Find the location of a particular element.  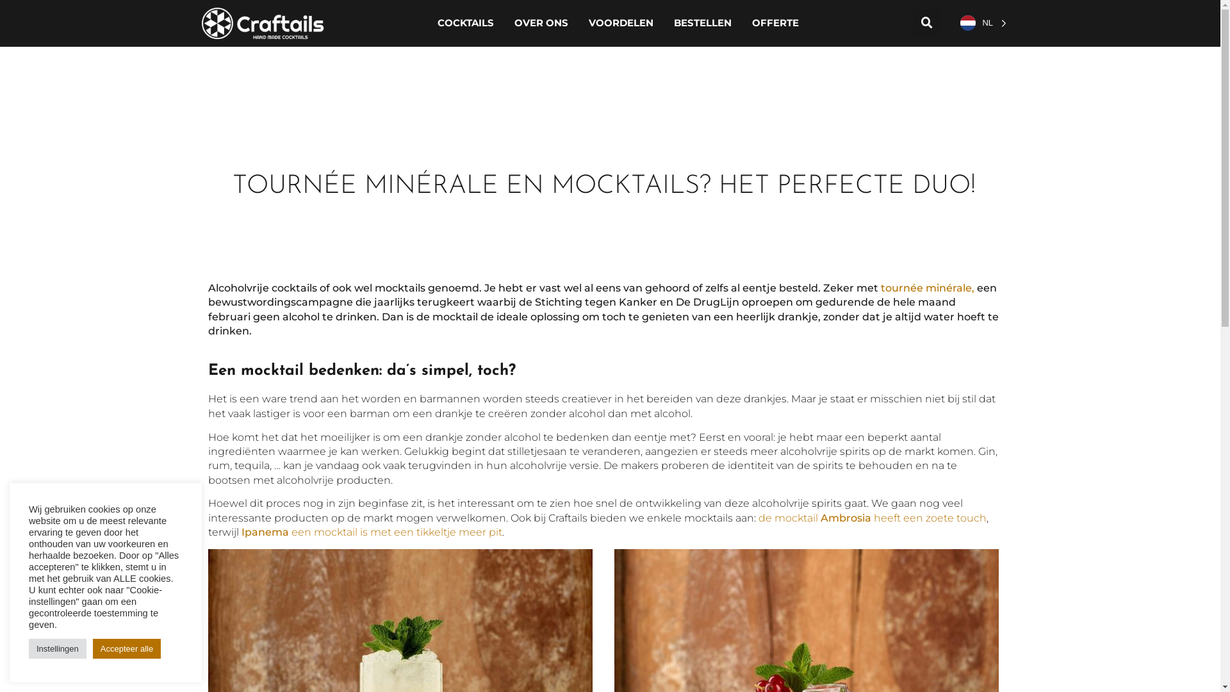

'COCKTAILS' is located at coordinates (464, 22).